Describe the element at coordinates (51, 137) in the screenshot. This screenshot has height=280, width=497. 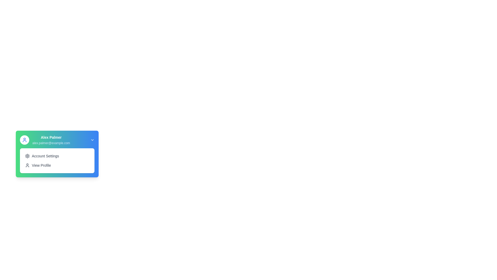
I see `the text label that identifies the user's name, positioned at the top of the card component, above the email address` at that location.